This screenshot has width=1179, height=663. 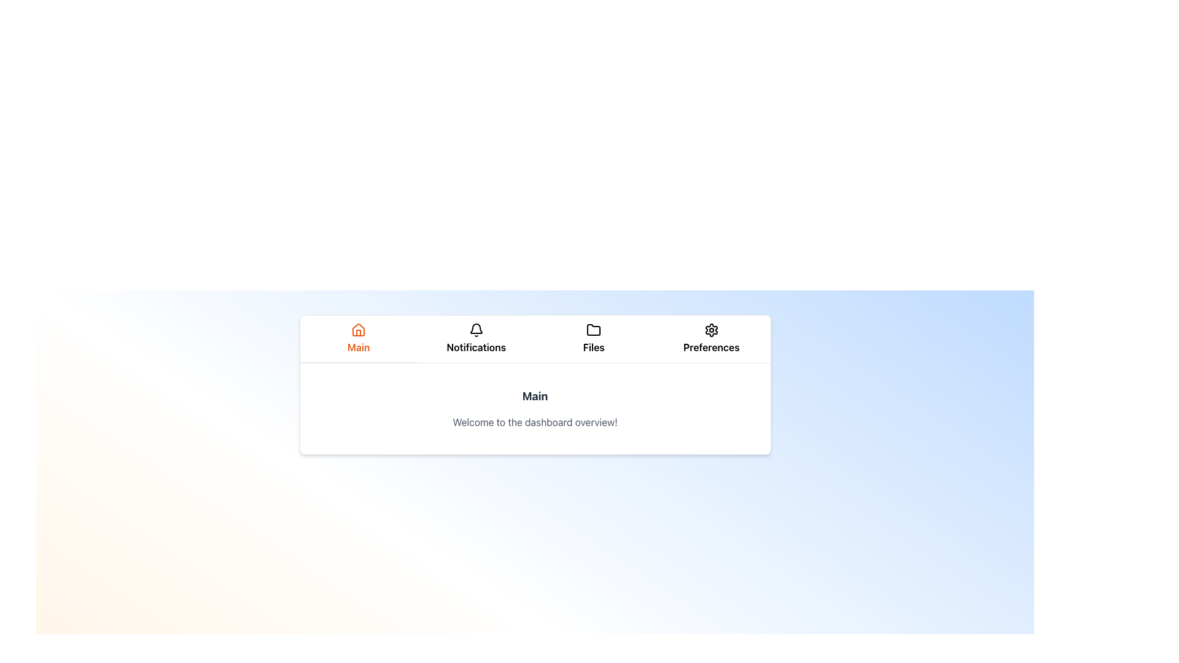 What do you see at coordinates (594, 329) in the screenshot?
I see `the folder-shaped icon in the navigation bar` at bounding box center [594, 329].